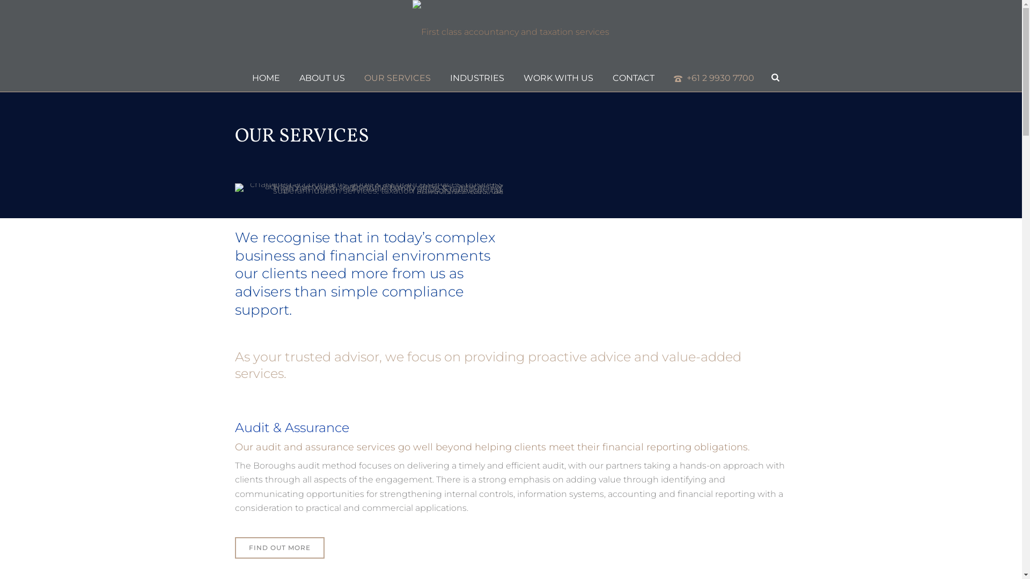 The width and height of the screenshot is (1030, 579). What do you see at coordinates (440, 77) in the screenshot?
I see `'INDUSTRIES'` at bounding box center [440, 77].